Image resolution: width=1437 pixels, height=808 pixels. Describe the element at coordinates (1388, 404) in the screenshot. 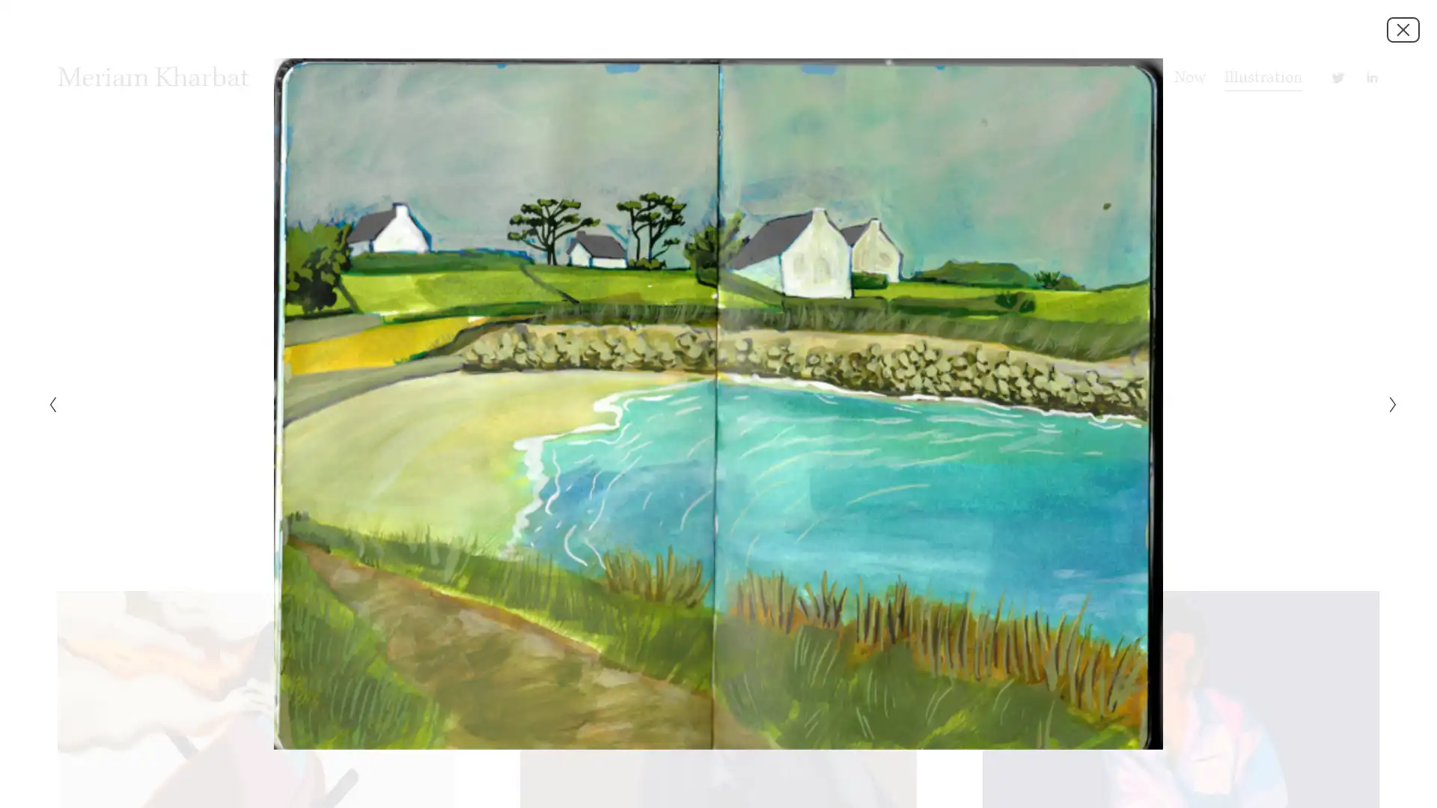

I see `Next Slide` at that location.